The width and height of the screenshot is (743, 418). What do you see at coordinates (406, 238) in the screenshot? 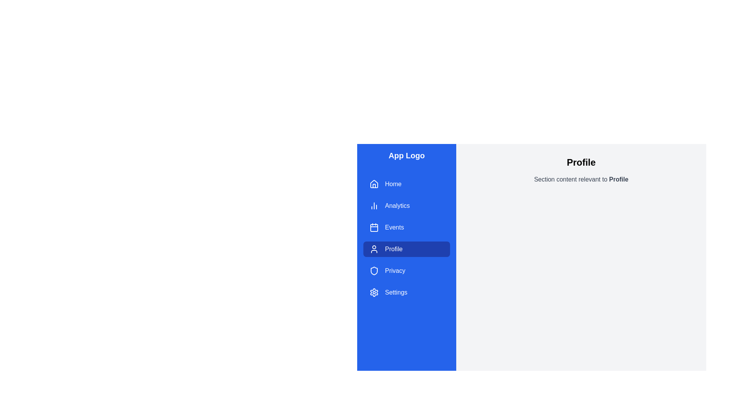
I see `the 'Profile' option in the Vertical Navigation Menu` at bounding box center [406, 238].